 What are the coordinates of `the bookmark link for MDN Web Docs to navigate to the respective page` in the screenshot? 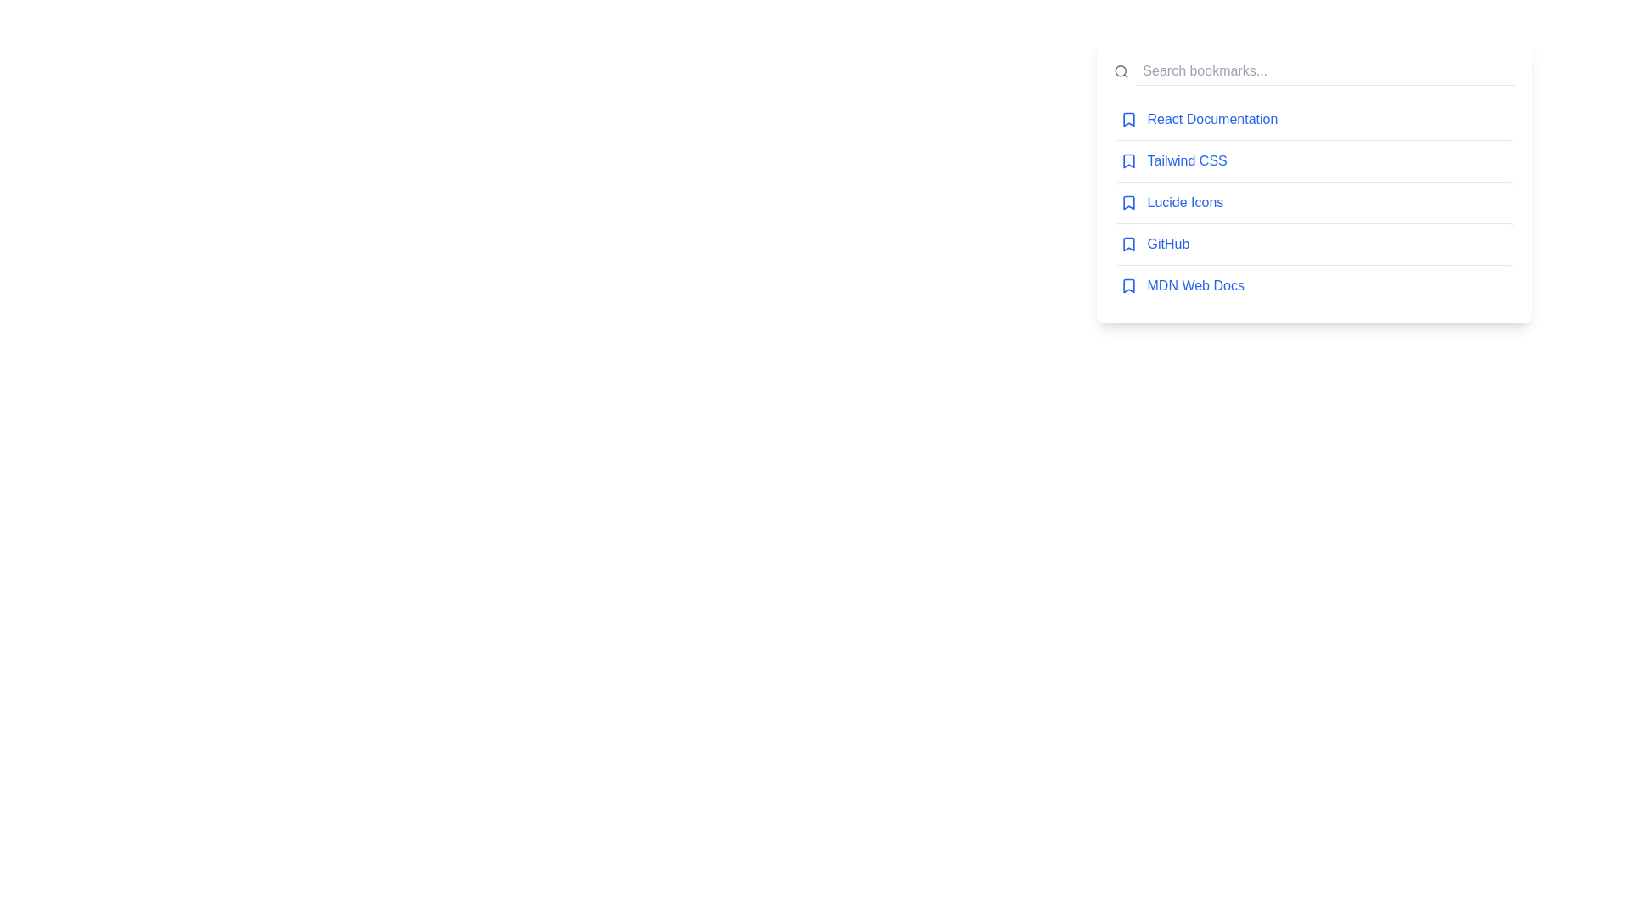 It's located at (1194, 284).